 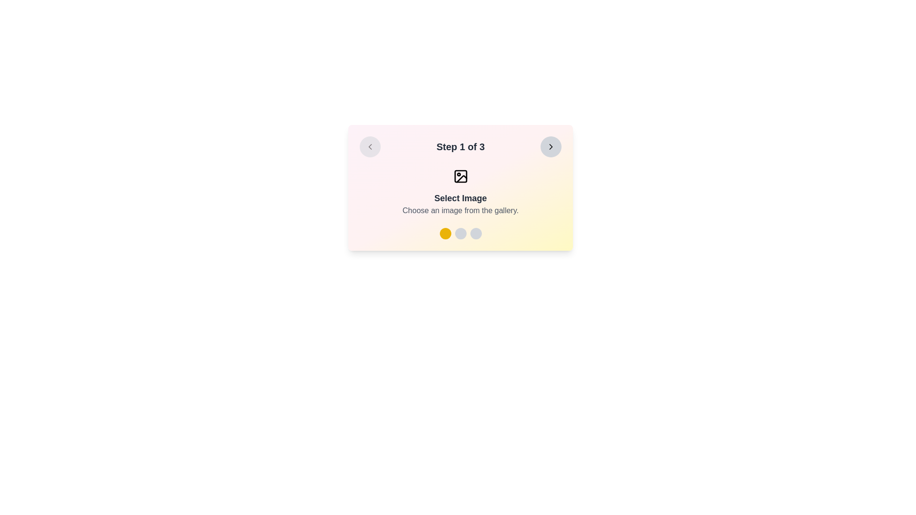 What do you see at coordinates (460, 176) in the screenshot?
I see `the image placeholder icon, which is a vector graphic with a rounded rectangular frame and a decorative gradient background, located at the top-center of the card titled 'Step 1 of 3'` at bounding box center [460, 176].